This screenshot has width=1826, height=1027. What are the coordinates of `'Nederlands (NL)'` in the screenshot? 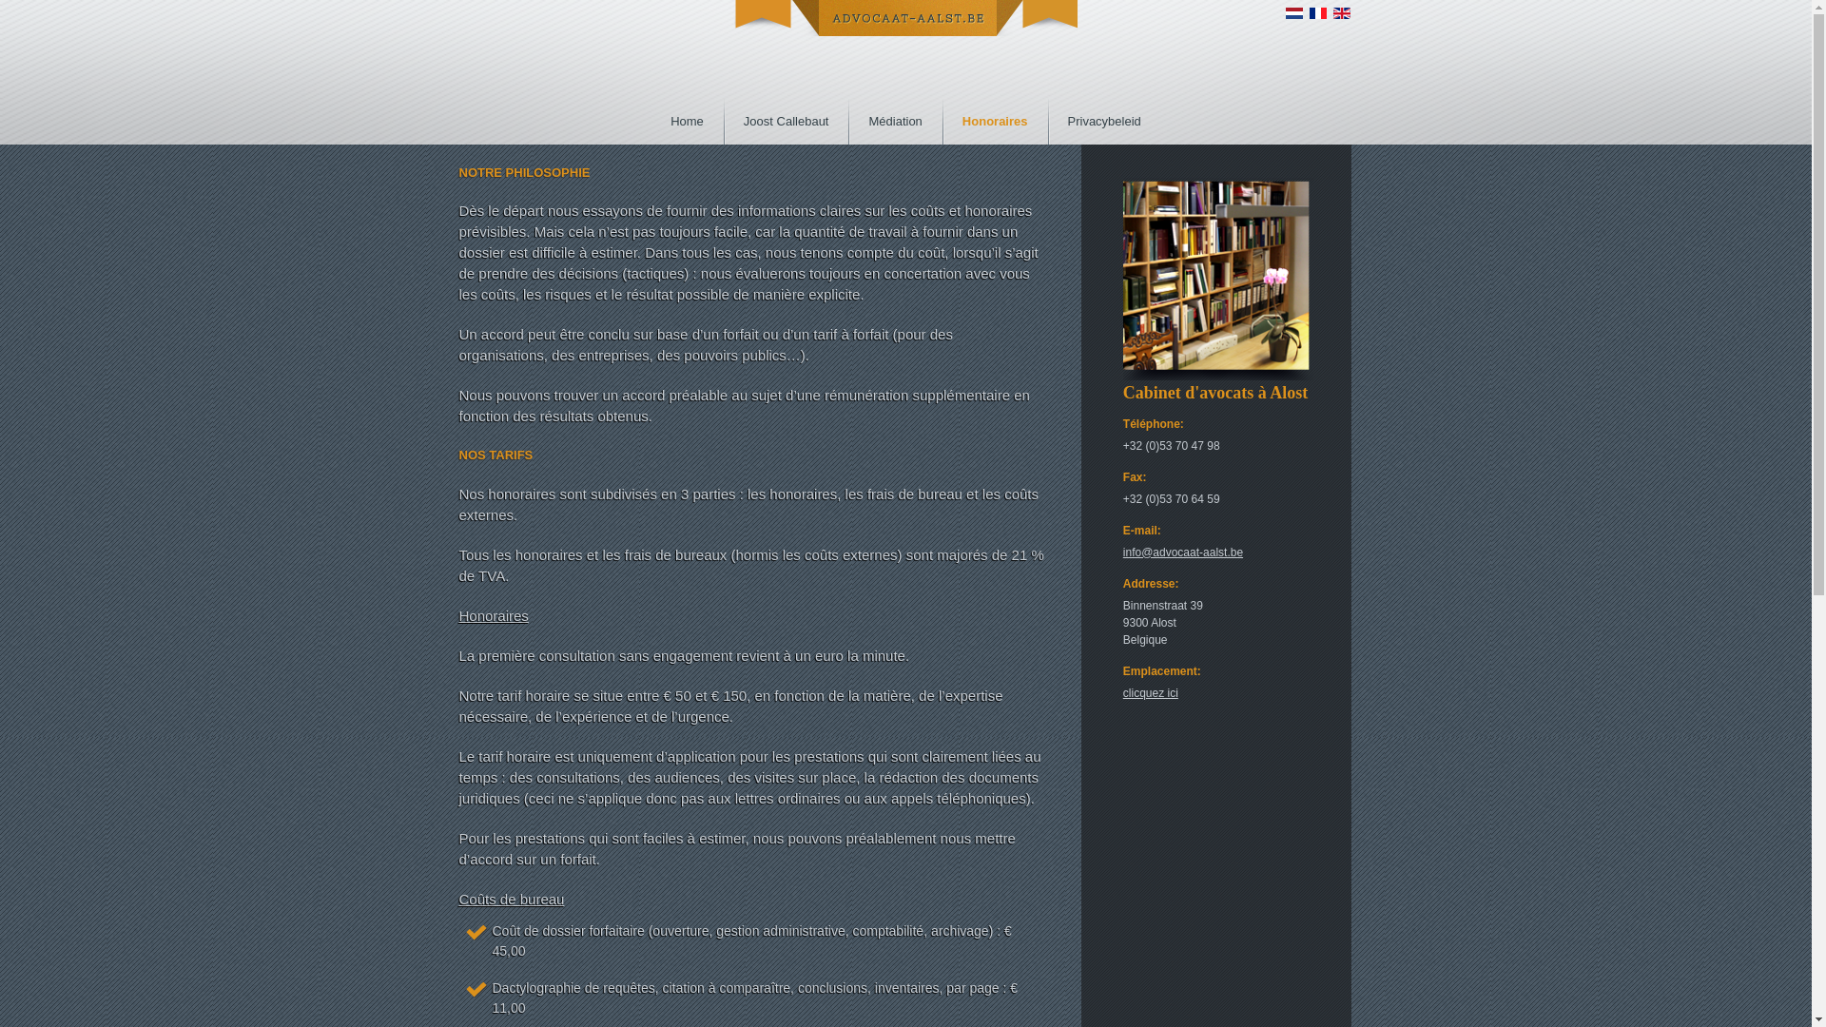 It's located at (1293, 13).